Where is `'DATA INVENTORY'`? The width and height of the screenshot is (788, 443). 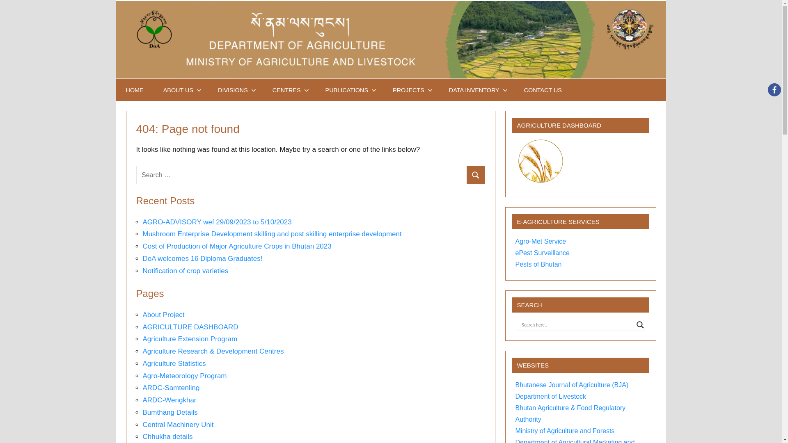
'DATA INVENTORY' is located at coordinates (476, 90).